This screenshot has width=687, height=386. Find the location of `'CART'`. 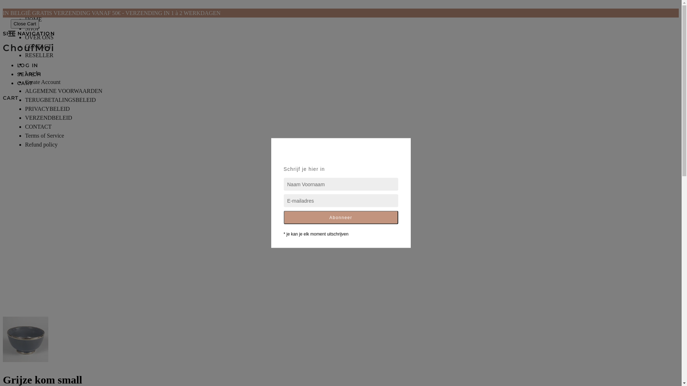

'CART' is located at coordinates (3, 98).